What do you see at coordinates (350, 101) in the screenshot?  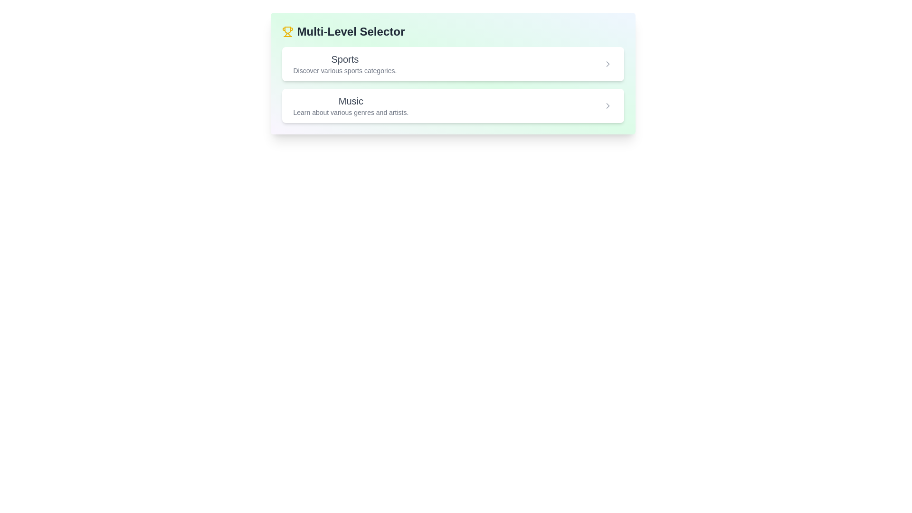 I see `the static text element displaying 'Music', which is prominently styled in a larger bold font and located in the second section under 'Multi-Level Selector'` at bounding box center [350, 101].